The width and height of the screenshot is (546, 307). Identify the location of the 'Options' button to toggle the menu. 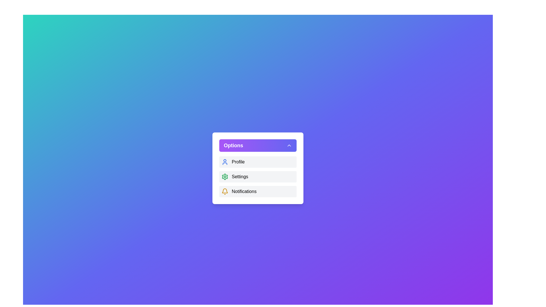
(258, 145).